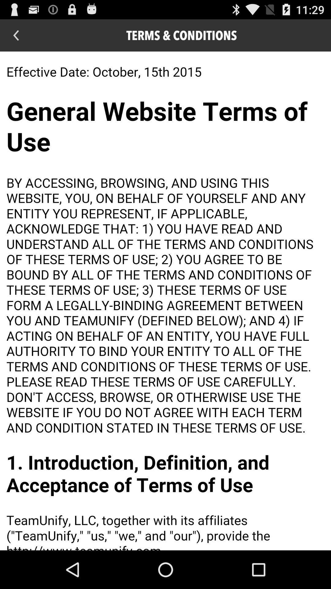 Image resolution: width=331 pixels, height=589 pixels. What do you see at coordinates (16, 35) in the screenshot?
I see `return to previous page` at bounding box center [16, 35].